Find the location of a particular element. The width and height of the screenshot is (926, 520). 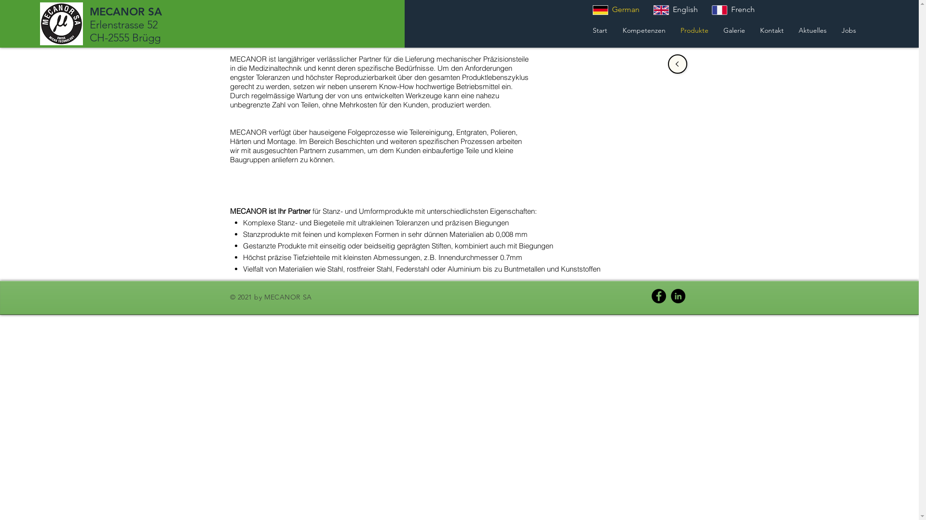

'Produkte' is located at coordinates (694, 29).